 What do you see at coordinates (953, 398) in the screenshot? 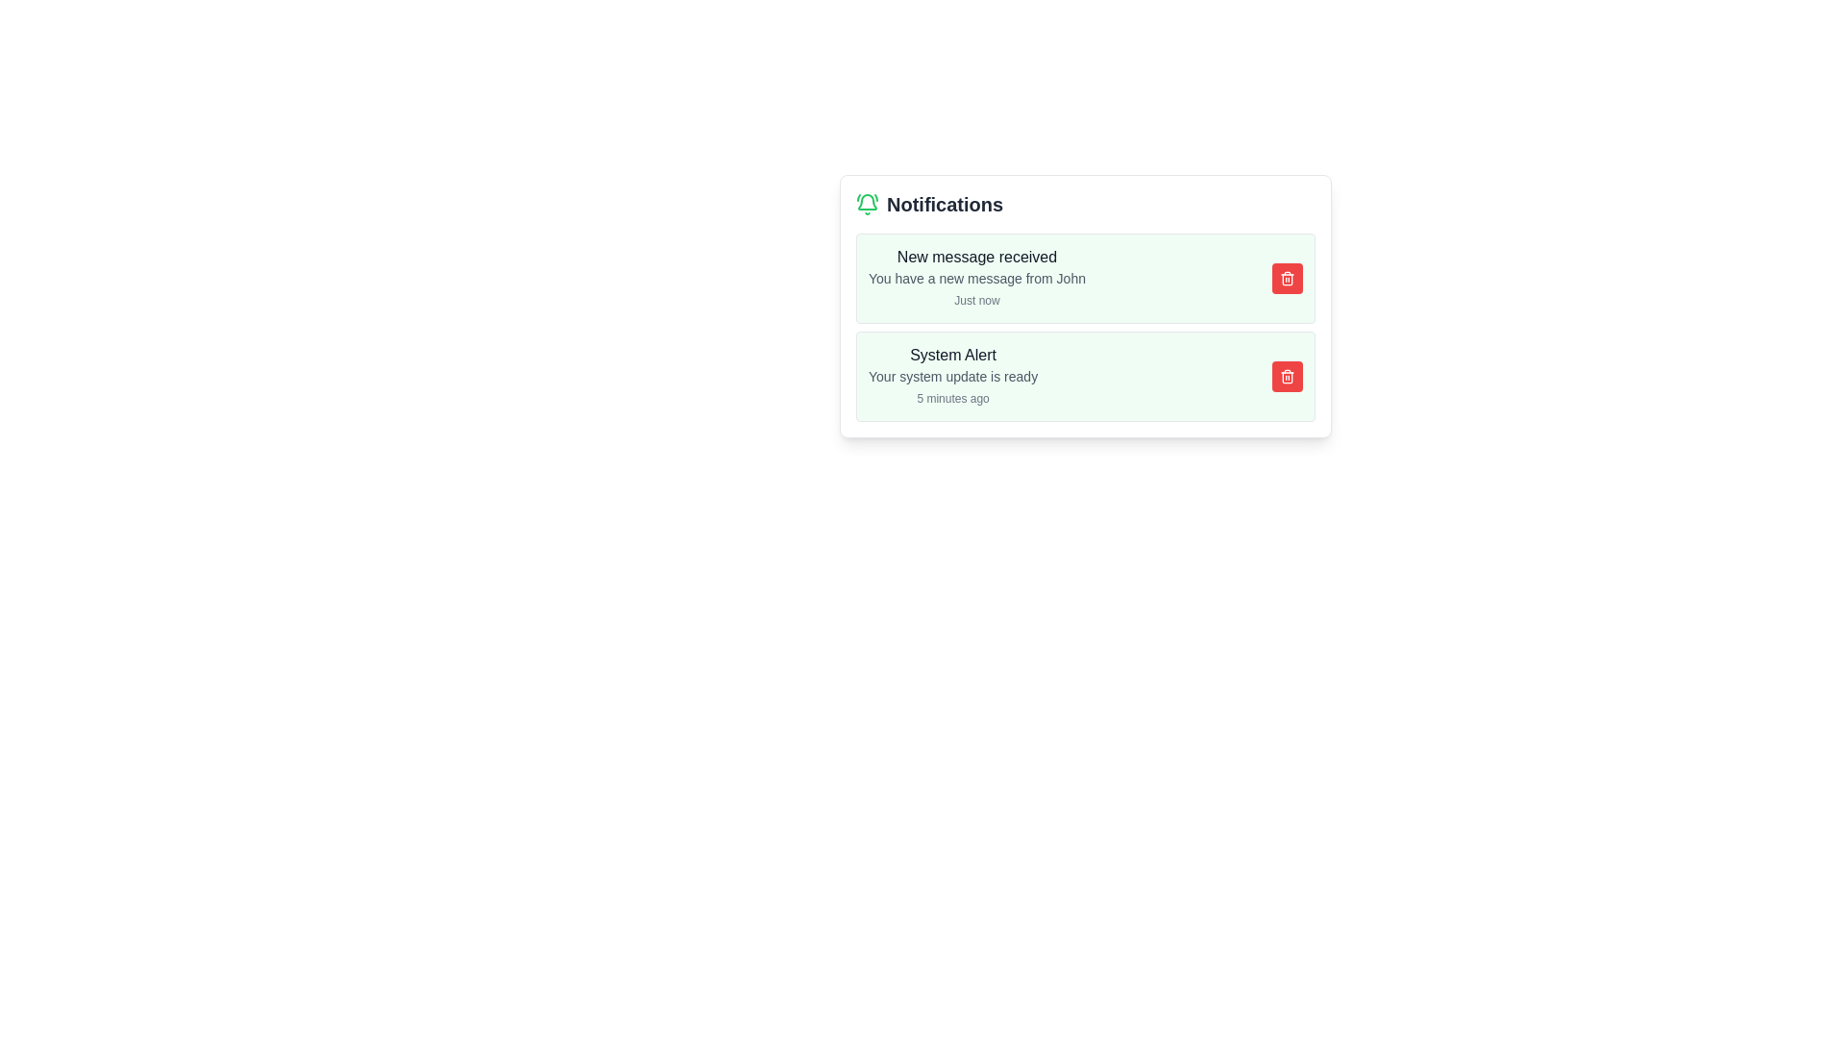
I see `the static text label reading '5 minutes ago' that appears below the message 'Your system update is ready' in the System Alert notification card` at bounding box center [953, 398].